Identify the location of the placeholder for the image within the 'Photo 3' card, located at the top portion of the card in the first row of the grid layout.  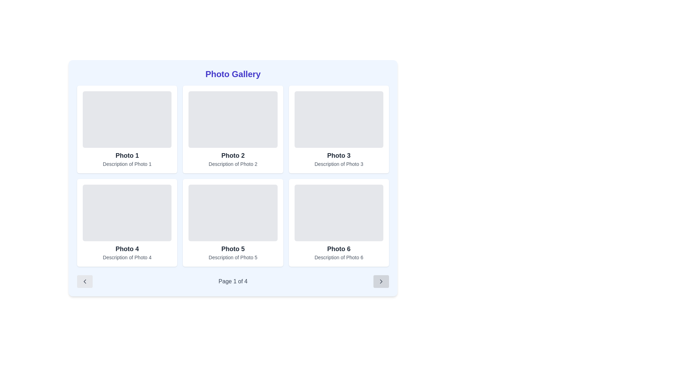
(338, 119).